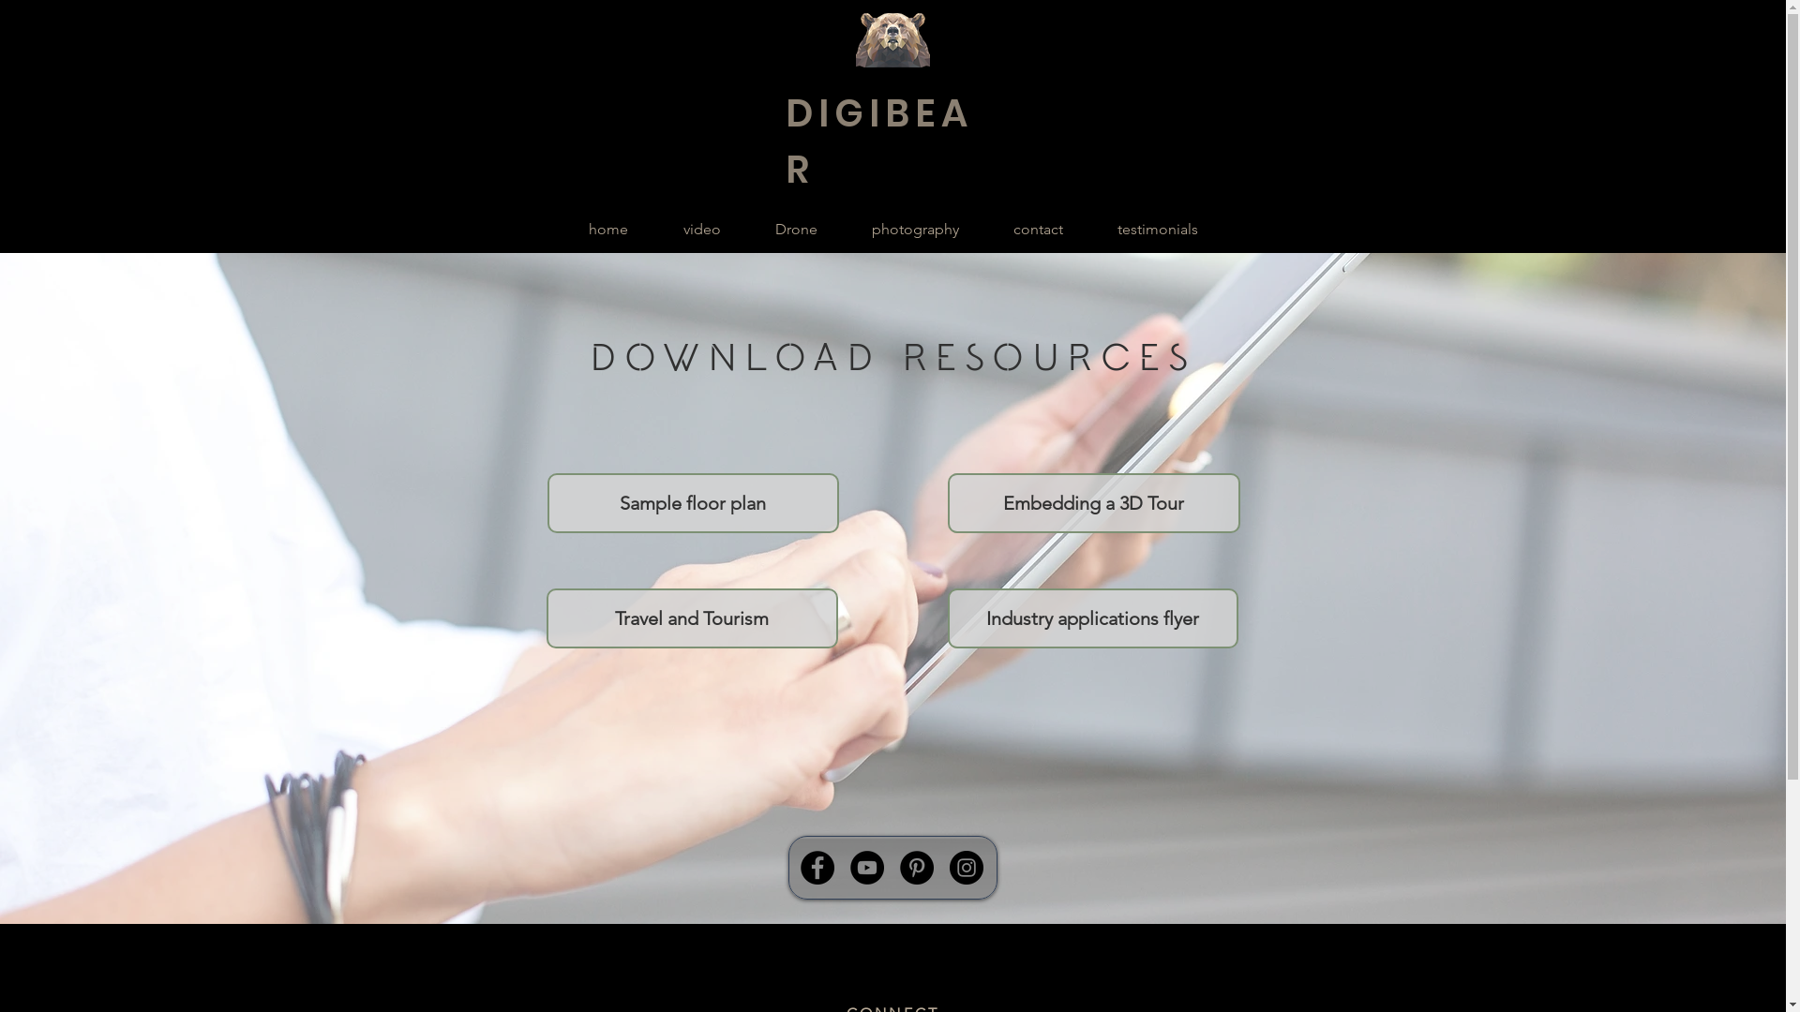  Describe the element at coordinates (692, 501) in the screenshot. I see `'Sample floor plan'` at that location.